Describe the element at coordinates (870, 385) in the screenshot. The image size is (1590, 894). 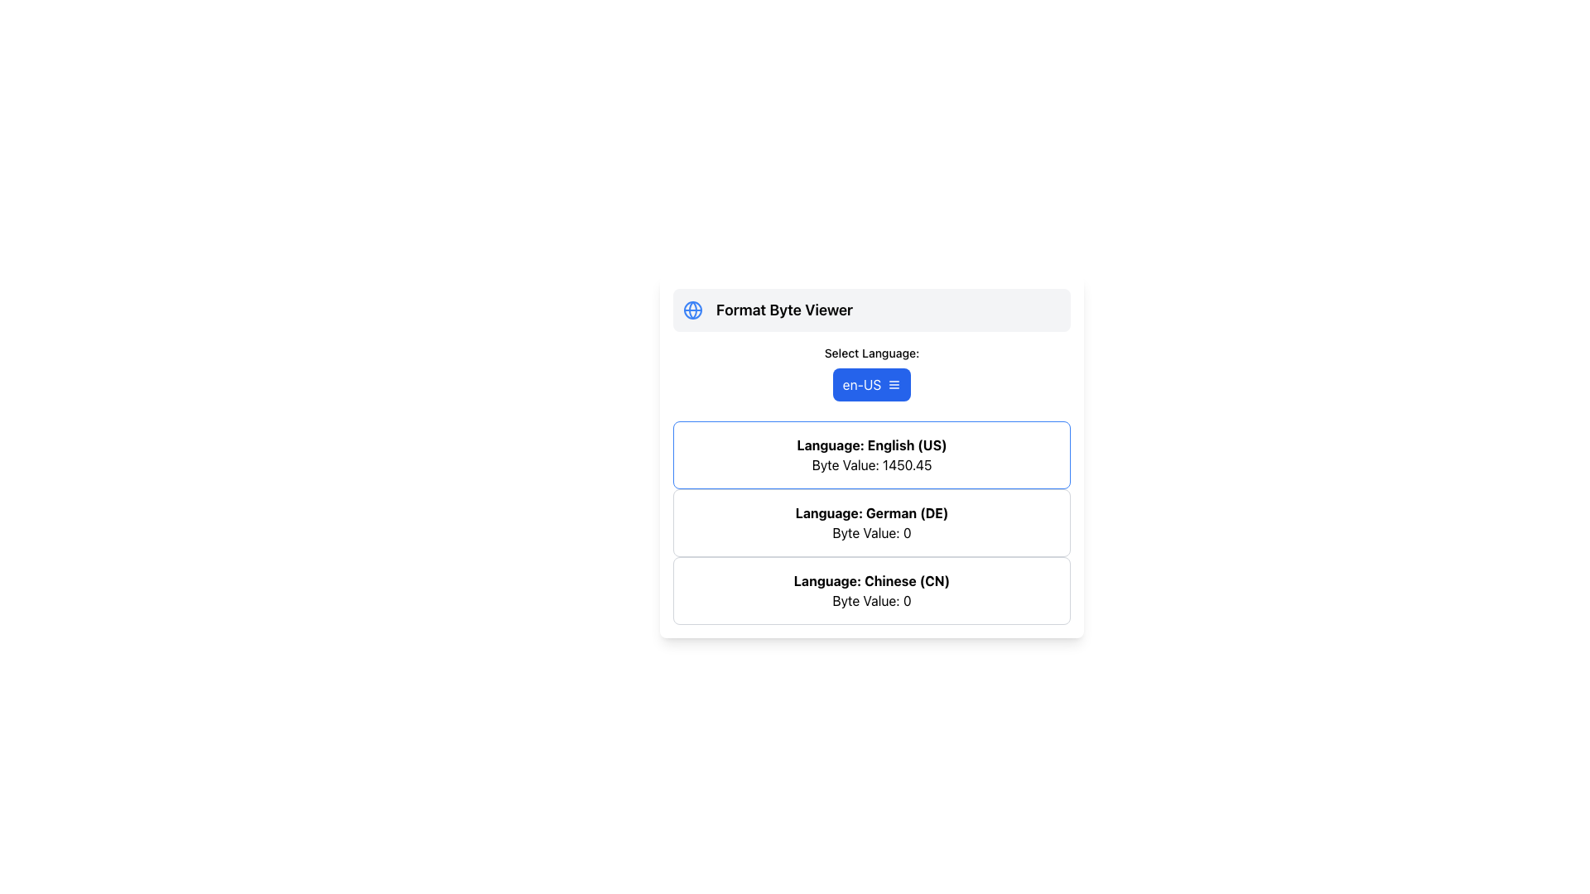
I see `the Dropdown Toggle Button located in the 'Select Language' section` at that location.